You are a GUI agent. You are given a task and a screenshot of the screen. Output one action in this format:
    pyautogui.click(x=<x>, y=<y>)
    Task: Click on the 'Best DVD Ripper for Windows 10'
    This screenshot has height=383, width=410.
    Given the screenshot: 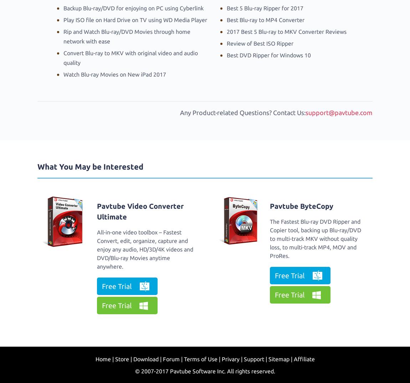 What is the action you would take?
    pyautogui.click(x=268, y=55)
    